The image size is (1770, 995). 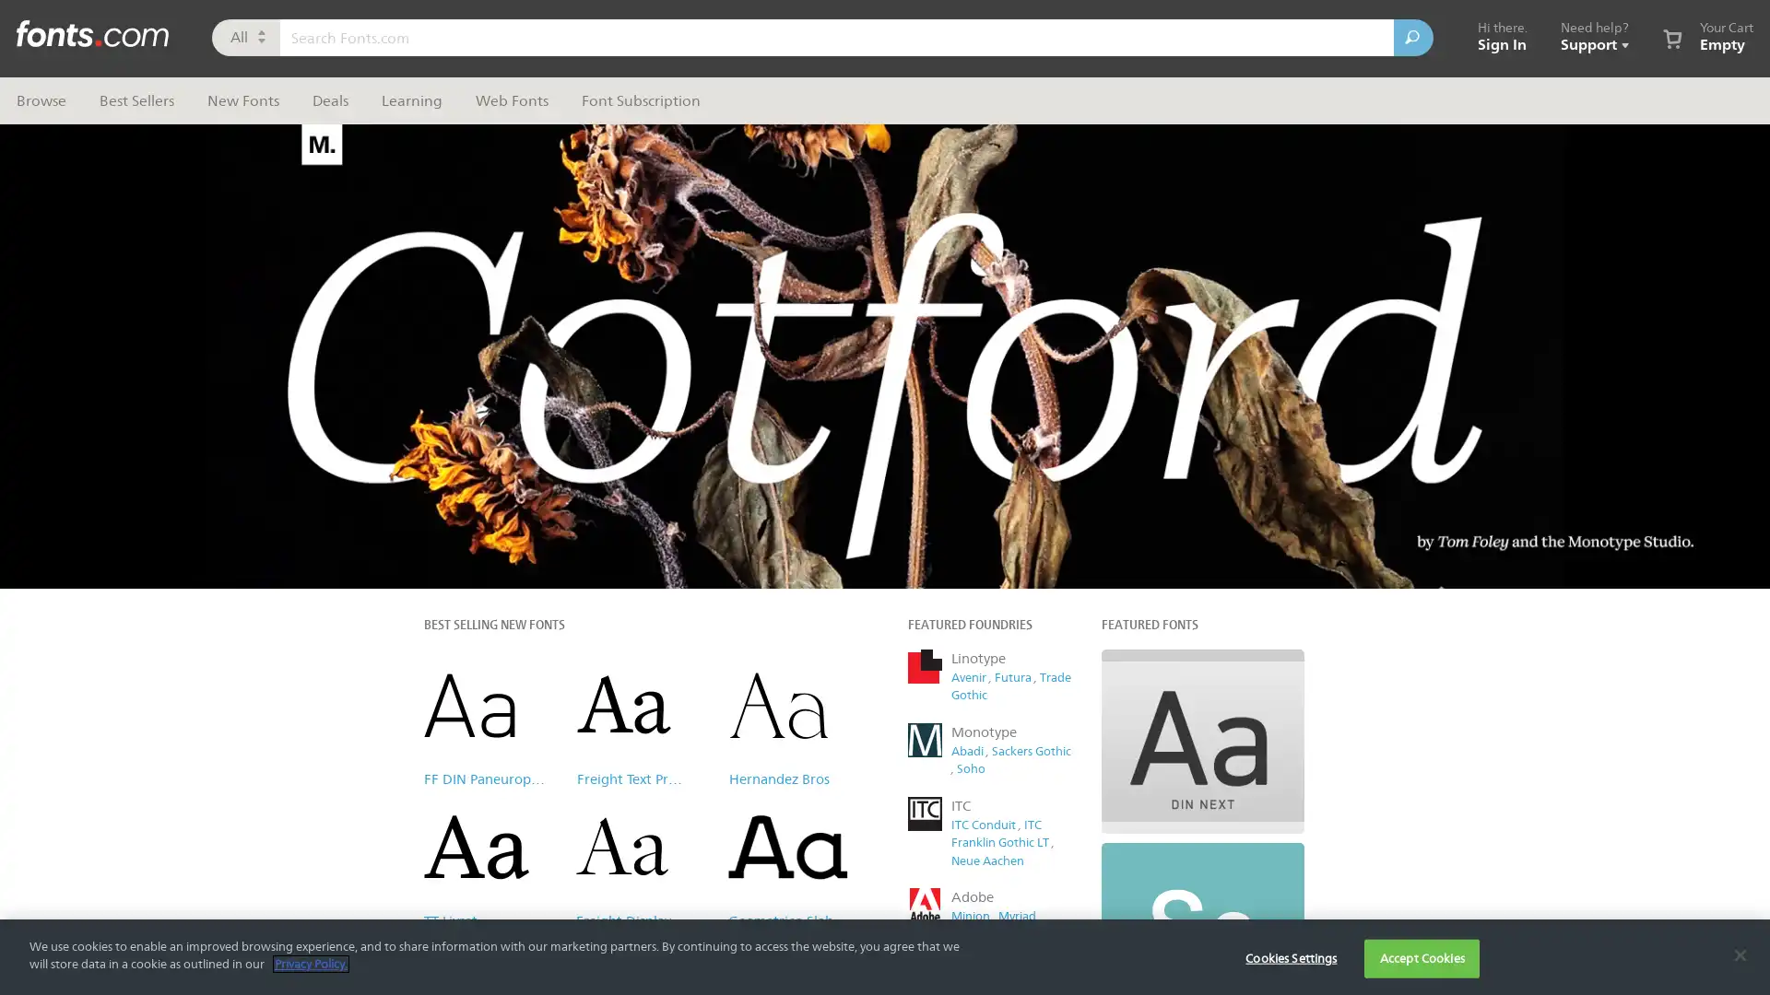 I want to click on Subscribe, so click(x=1068, y=474).